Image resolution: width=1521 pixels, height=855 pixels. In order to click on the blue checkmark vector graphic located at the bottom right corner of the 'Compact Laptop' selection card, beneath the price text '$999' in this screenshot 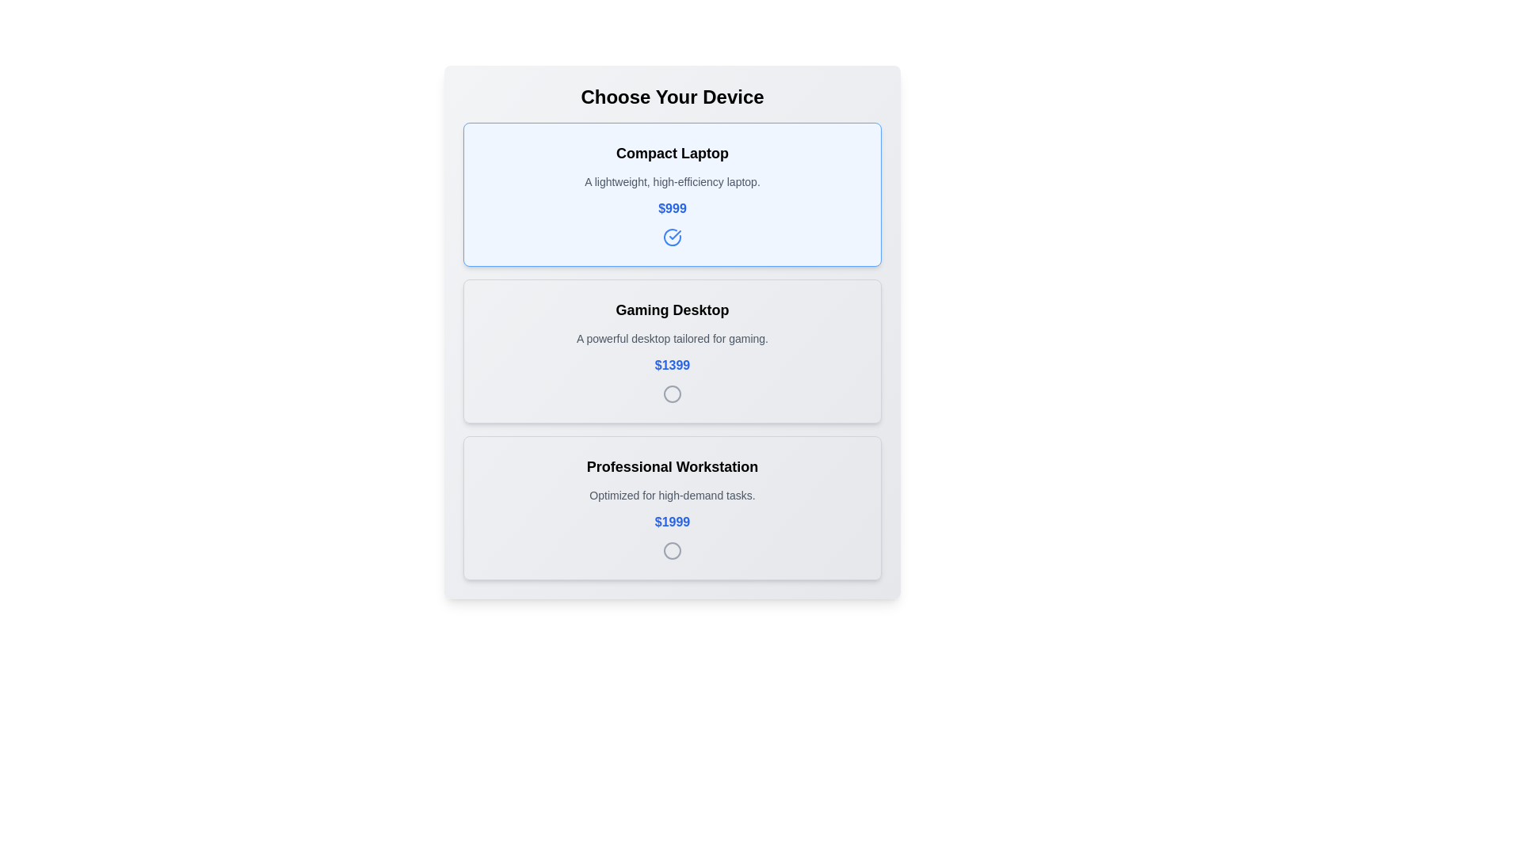, I will do `click(675, 235)`.